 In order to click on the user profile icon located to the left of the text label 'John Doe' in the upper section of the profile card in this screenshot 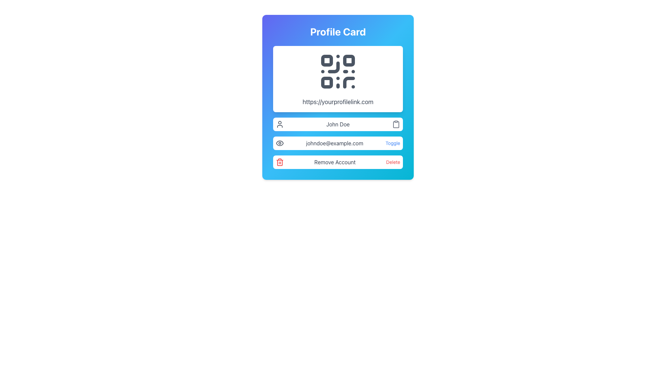, I will do `click(280, 124)`.